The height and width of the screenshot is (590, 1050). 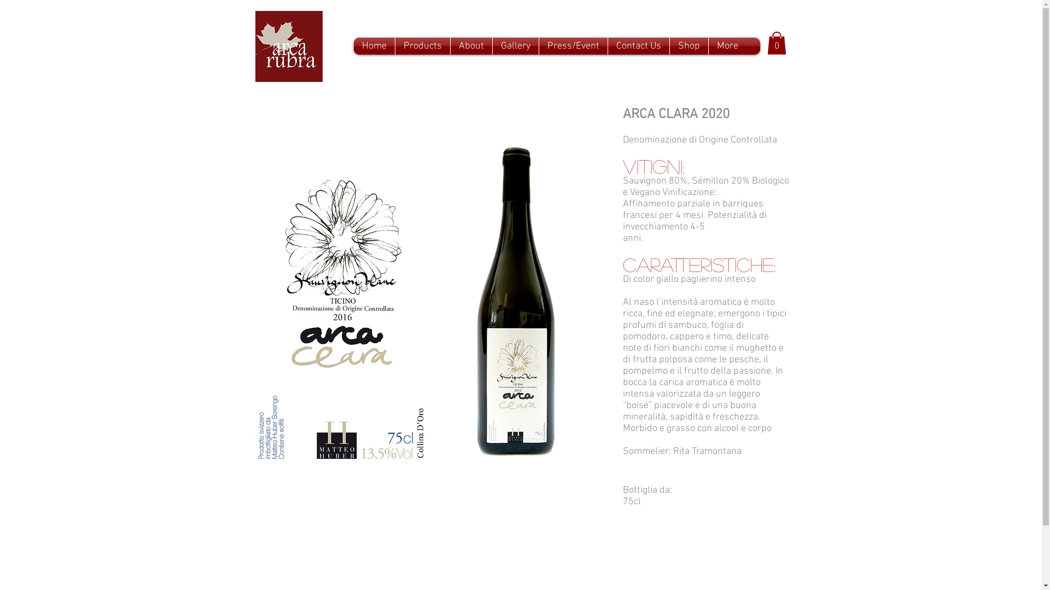 I want to click on 'Press/Event', so click(x=573, y=45).